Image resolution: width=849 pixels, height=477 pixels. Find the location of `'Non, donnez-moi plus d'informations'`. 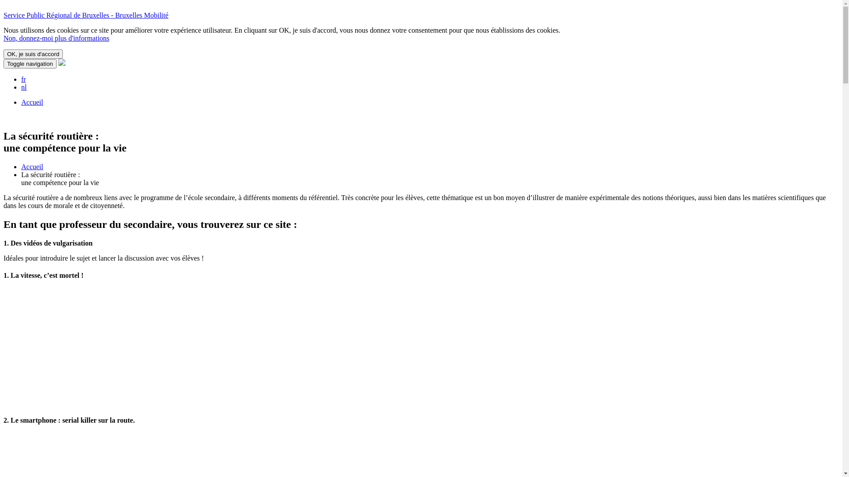

'Non, donnez-moi plus d'informations' is located at coordinates (56, 38).